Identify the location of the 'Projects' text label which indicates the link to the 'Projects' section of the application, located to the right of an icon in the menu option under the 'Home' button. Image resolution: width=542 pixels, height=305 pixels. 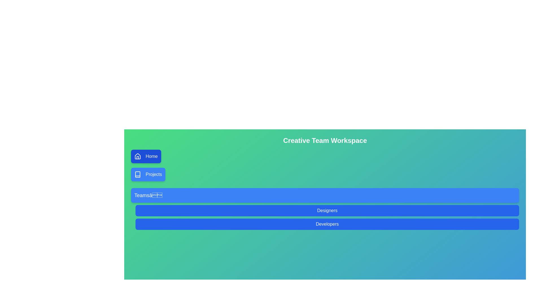
(154, 174).